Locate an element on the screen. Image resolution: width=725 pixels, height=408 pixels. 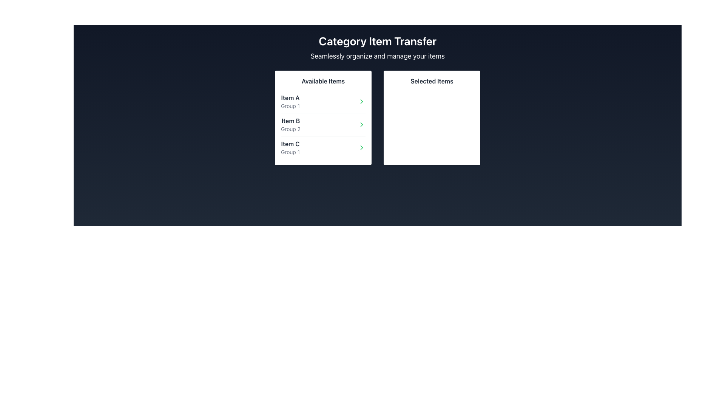
the right-pointing chevron icon located to the right of the list item labeled 'Item C, Group 1' in the 'Available Items' section of the left panel is located at coordinates (361, 147).